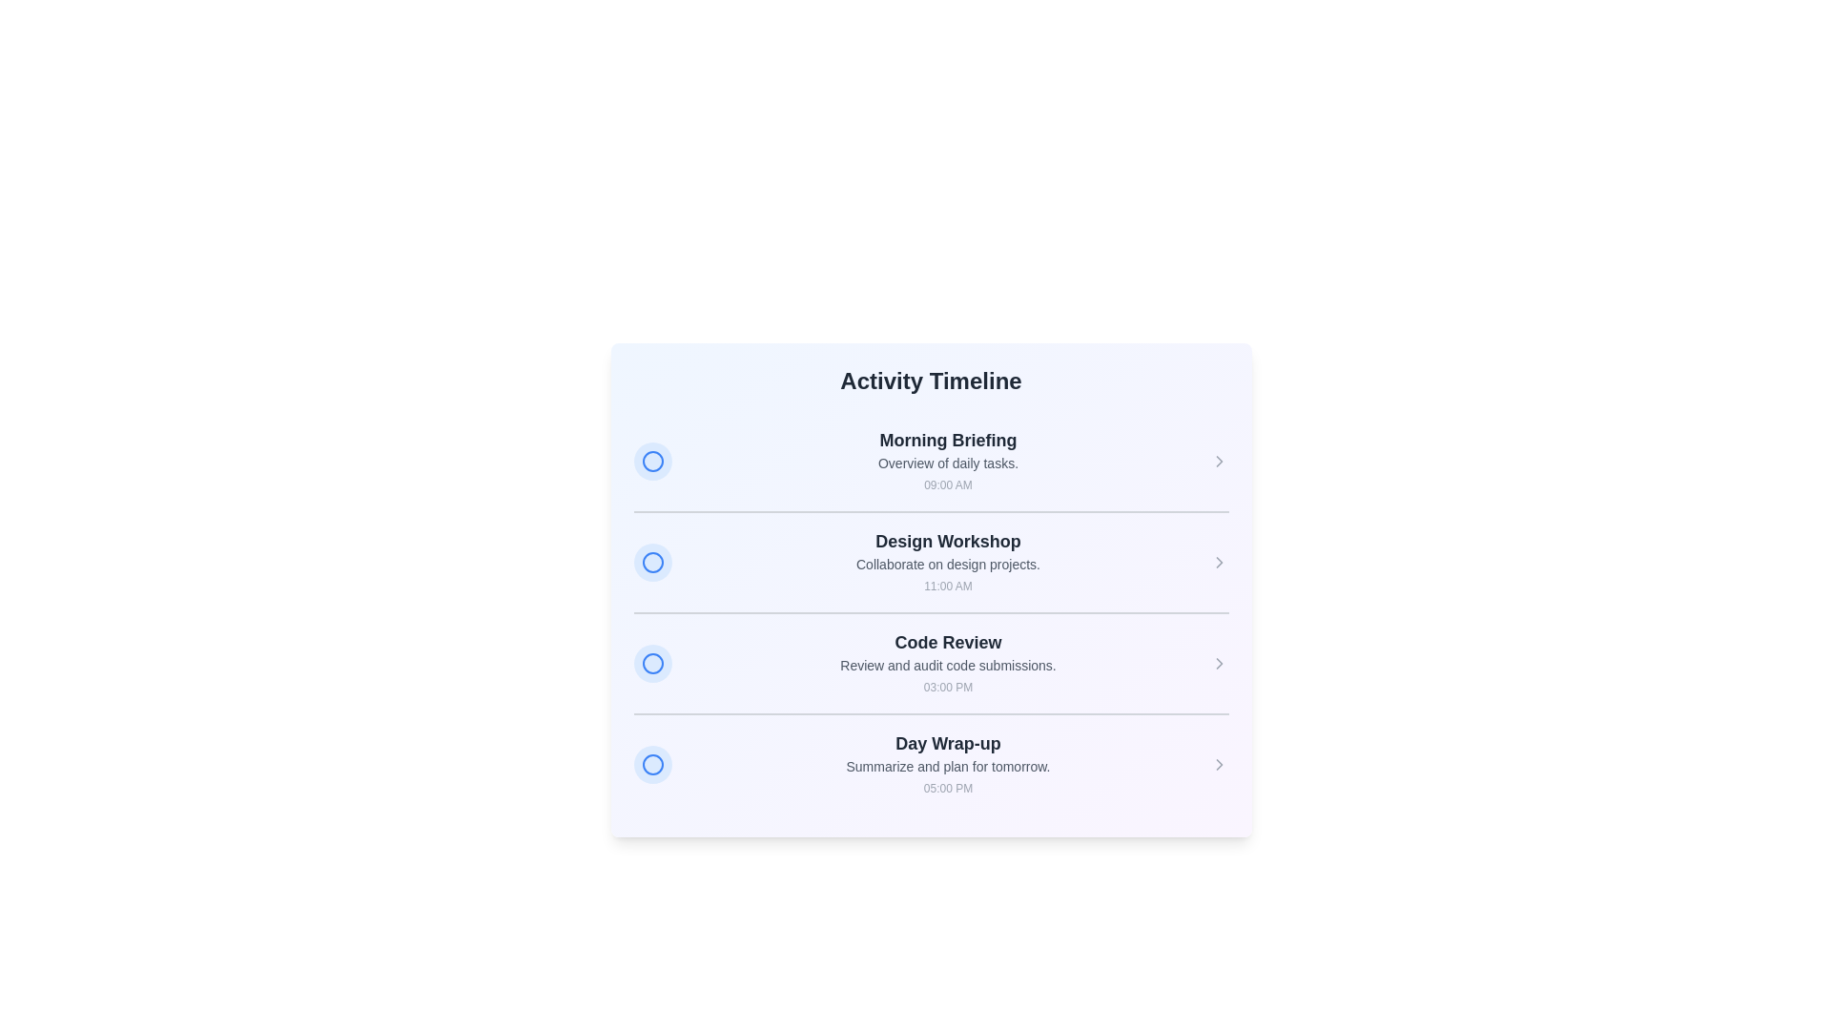 This screenshot has height=1030, width=1831. What do you see at coordinates (948, 461) in the screenshot?
I see `the static text display that conveys scheduled activity details for the 'Morning Briefing' event` at bounding box center [948, 461].